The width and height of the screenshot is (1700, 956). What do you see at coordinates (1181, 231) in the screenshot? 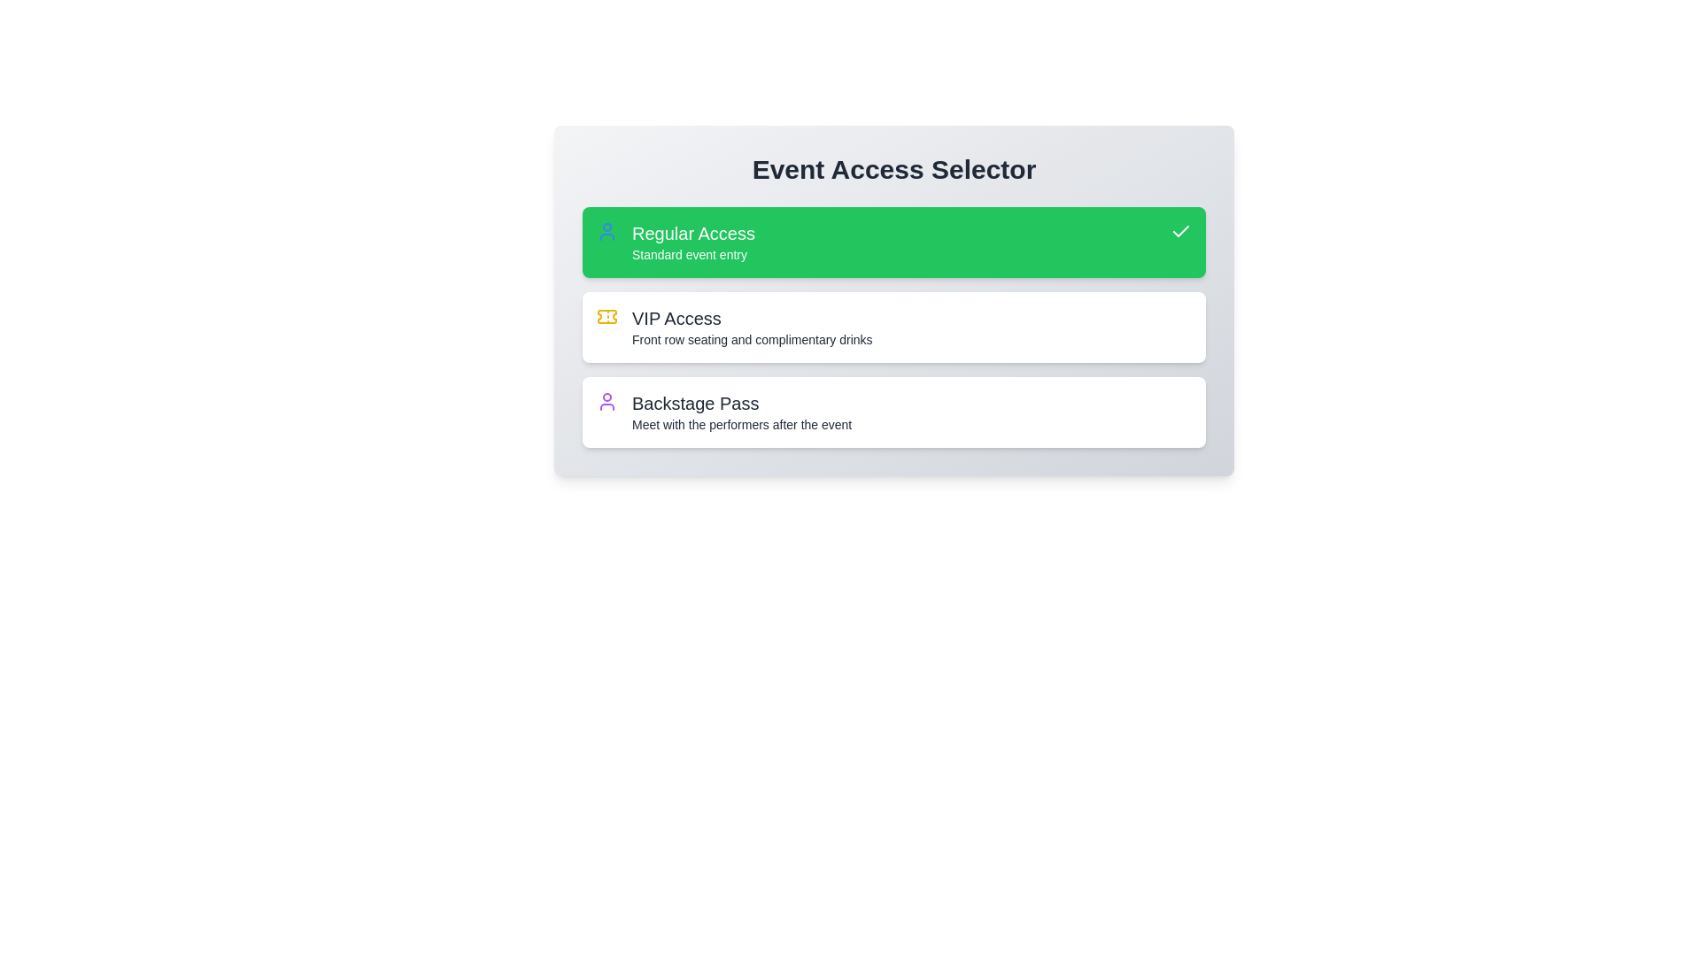
I see `the checkmark SVG icon indicating selection or confirmation of the 'Regular Access' option within the green section labeled 'Regular Access Standard event entry'` at bounding box center [1181, 231].